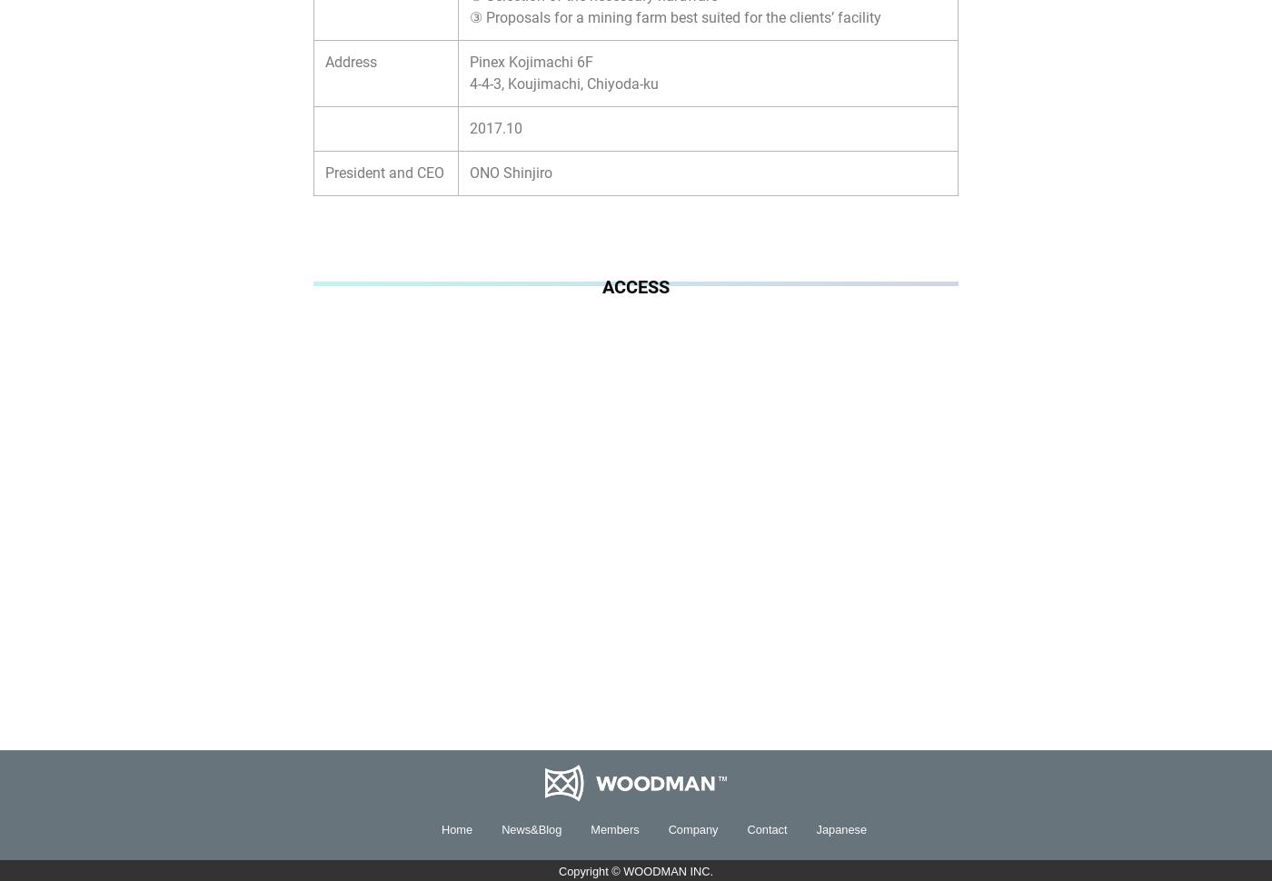  I want to click on 'Contact', so click(767, 828).